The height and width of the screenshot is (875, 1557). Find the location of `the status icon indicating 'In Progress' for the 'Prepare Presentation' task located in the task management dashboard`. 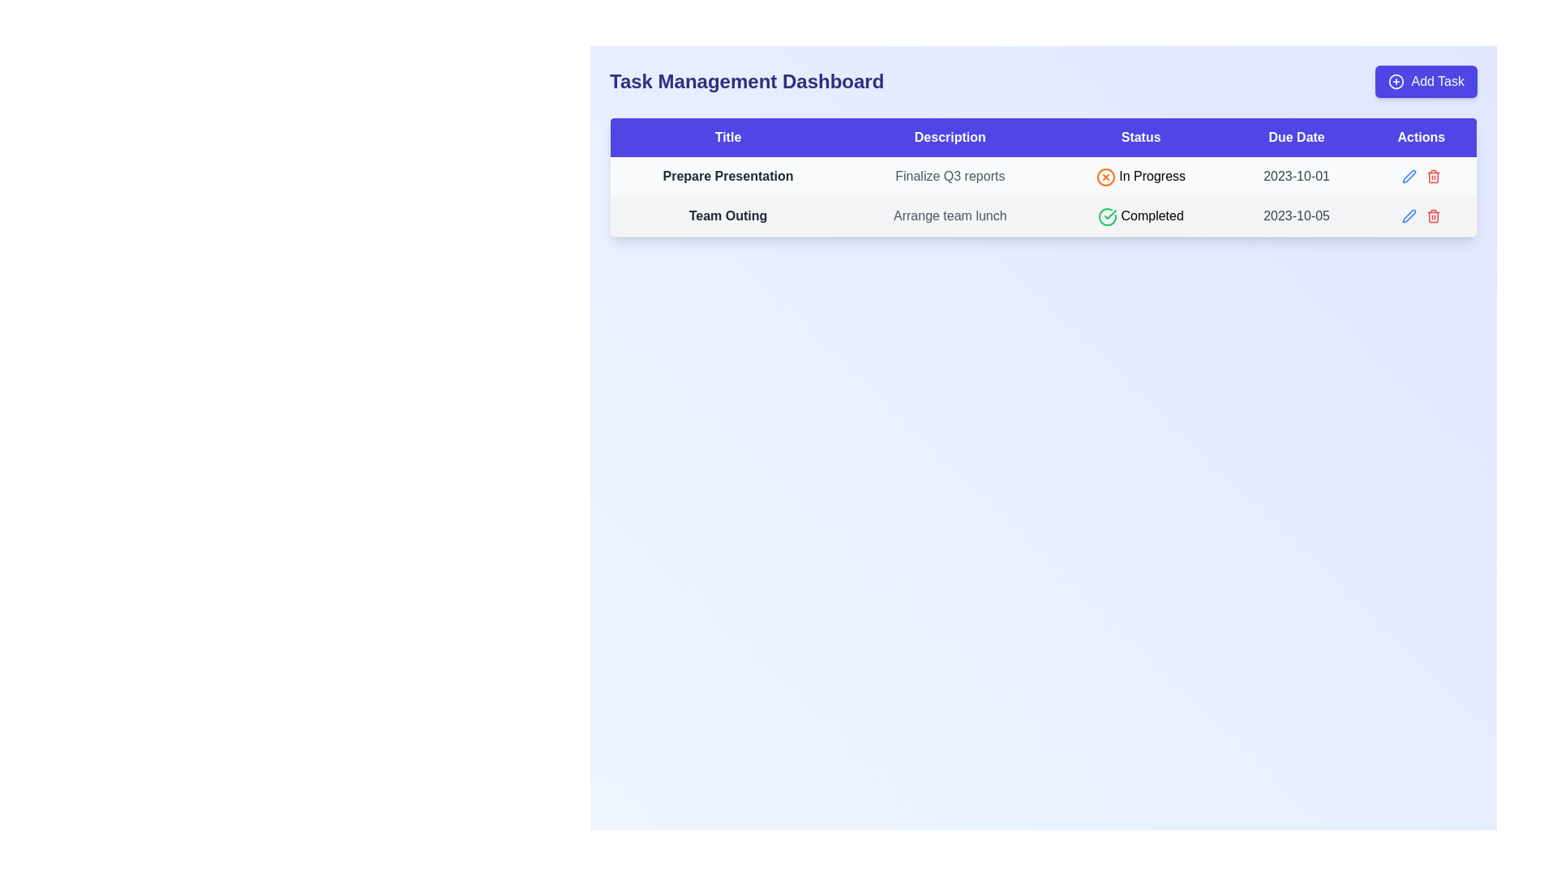

the status icon indicating 'In Progress' for the 'Prepare Presentation' task located in the task management dashboard is located at coordinates (1105, 177).